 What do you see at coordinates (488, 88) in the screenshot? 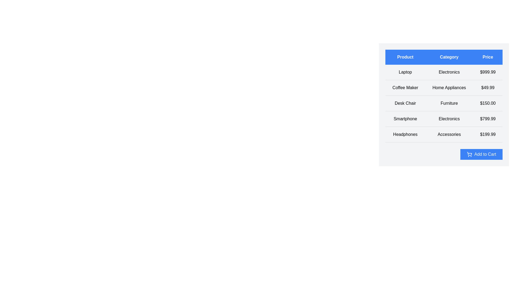
I see `the price text label displaying the cost of the product 'Coffee Maker' located in the third column of the second row in the table` at bounding box center [488, 88].